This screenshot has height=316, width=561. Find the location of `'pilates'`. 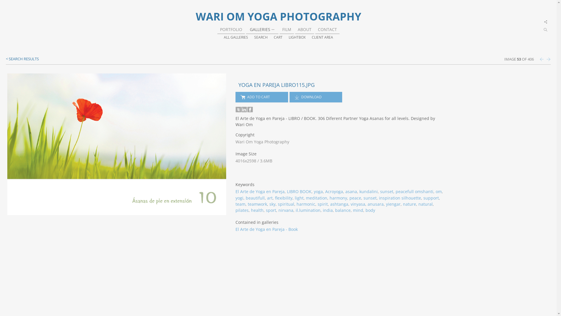

'pilates' is located at coordinates (242, 210).